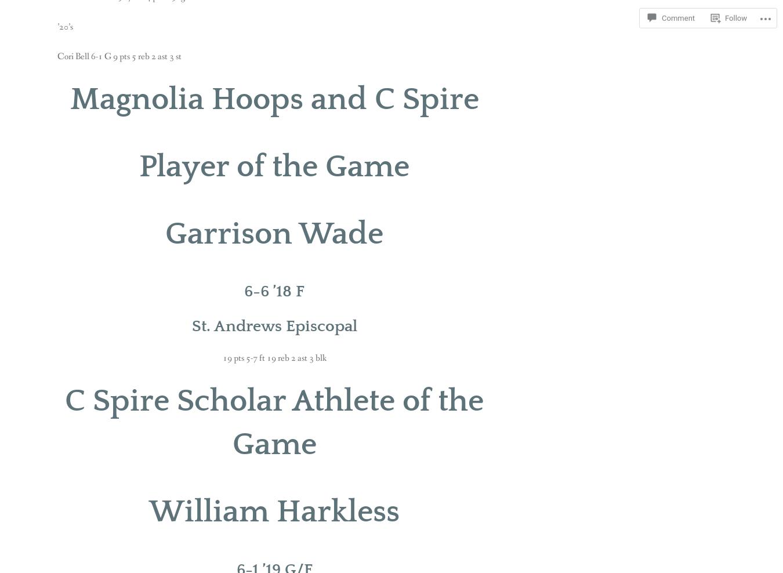 Image resolution: width=783 pixels, height=573 pixels. What do you see at coordinates (274, 511) in the screenshot?
I see `'William Harkless'` at bounding box center [274, 511].